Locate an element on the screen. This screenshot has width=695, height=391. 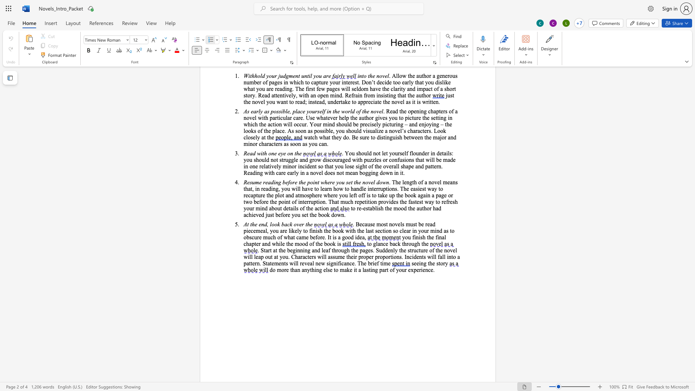
the space between the continuous character "f" and "i" in the text is located at coordinates (437, 237).